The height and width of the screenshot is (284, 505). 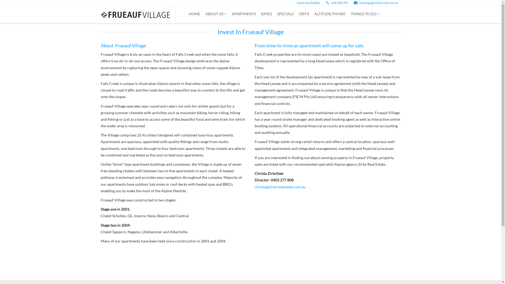 I want to click on 'christa@zirkyrealestate.com.au', so click(x=280, y=186).